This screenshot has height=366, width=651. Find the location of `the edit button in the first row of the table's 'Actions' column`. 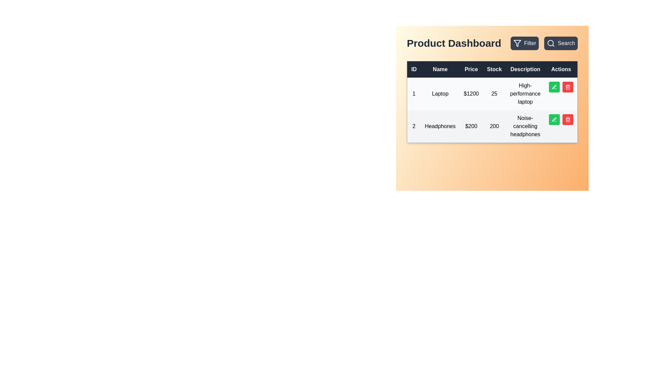

the edit button in the first row of the table's 'Actions' column is located at coordinates (554, 87).